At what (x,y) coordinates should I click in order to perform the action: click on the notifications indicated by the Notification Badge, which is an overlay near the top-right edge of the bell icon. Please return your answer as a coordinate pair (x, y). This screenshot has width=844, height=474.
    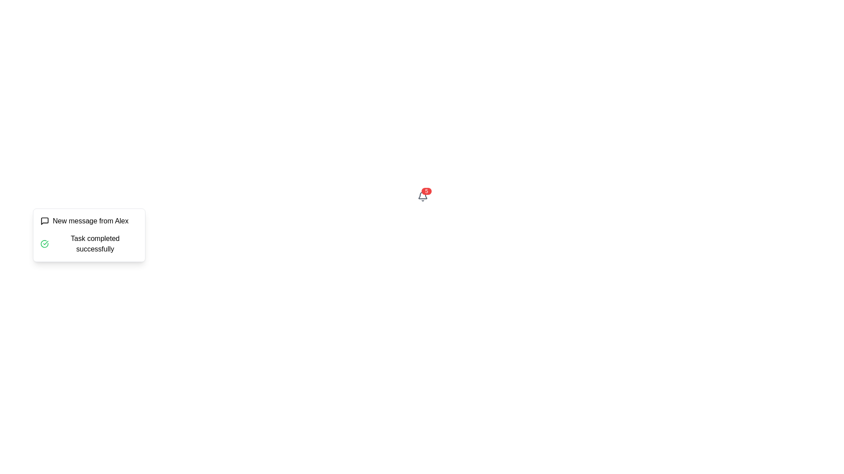
    Looking at the image, I should click on (426, 190).